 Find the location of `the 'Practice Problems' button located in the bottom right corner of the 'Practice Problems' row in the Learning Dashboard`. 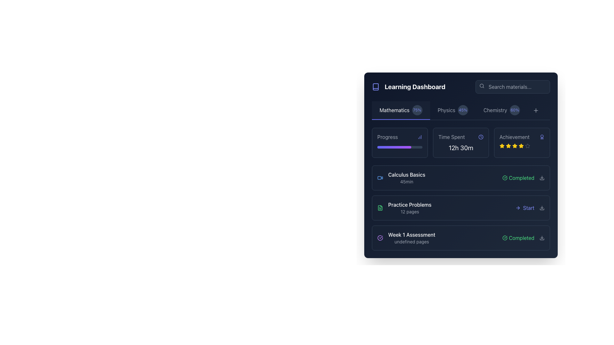

the 'Practice Problems' button located in the bottom right corner of the 'Practice Problems' row in the Learning Dashboard is located at coordinates (525, 208).